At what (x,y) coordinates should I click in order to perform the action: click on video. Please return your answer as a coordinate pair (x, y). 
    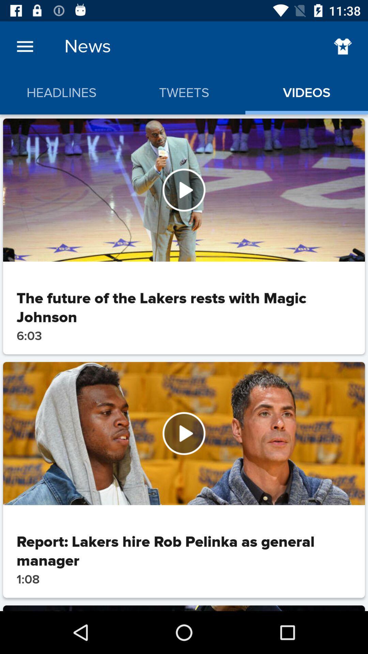
    Looking at the image, I should click on (184, 190).